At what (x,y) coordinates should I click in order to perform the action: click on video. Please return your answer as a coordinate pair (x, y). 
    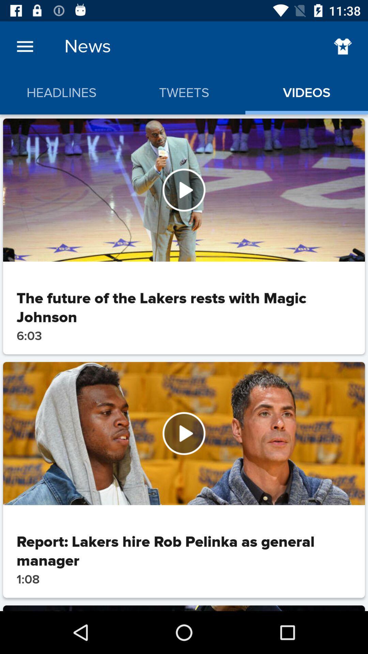
    Looking at the image, I should click on (184, 190).